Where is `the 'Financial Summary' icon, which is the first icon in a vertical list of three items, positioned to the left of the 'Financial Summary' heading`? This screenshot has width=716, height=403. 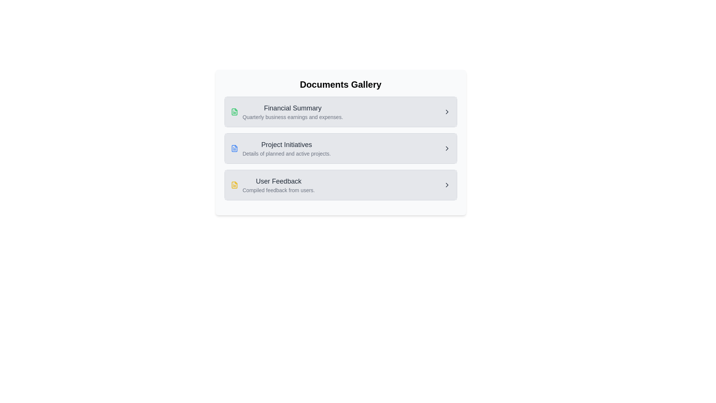 the 'Financial Summary' icon, which is the first icon in a vertical list of three items, positioned to the left of the 'Financial Summary' heading is located at coordinates (234, 112).